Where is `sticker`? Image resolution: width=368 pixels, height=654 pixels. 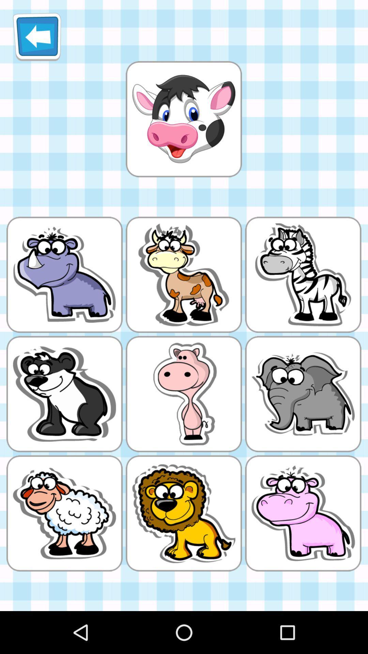 sticker is located at coordinates (183, 119).